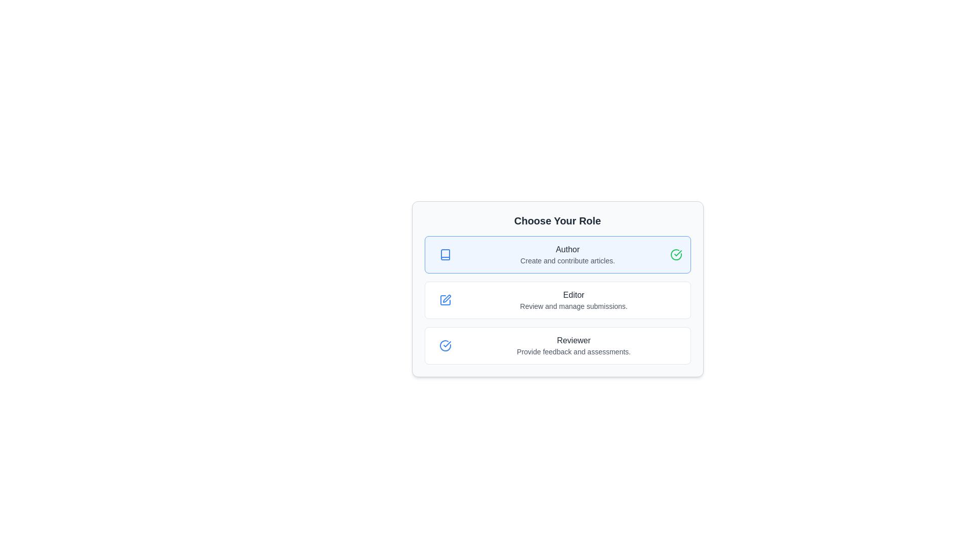 The height and width of the screenshot is (546, 972). I want to click on the visual indicator icon for the Editor role in the 'Choose Your Role' section, so click(445, 300).